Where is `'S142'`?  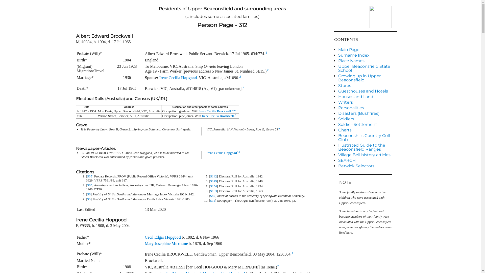
'S142' is located at coordinates (213, 176).